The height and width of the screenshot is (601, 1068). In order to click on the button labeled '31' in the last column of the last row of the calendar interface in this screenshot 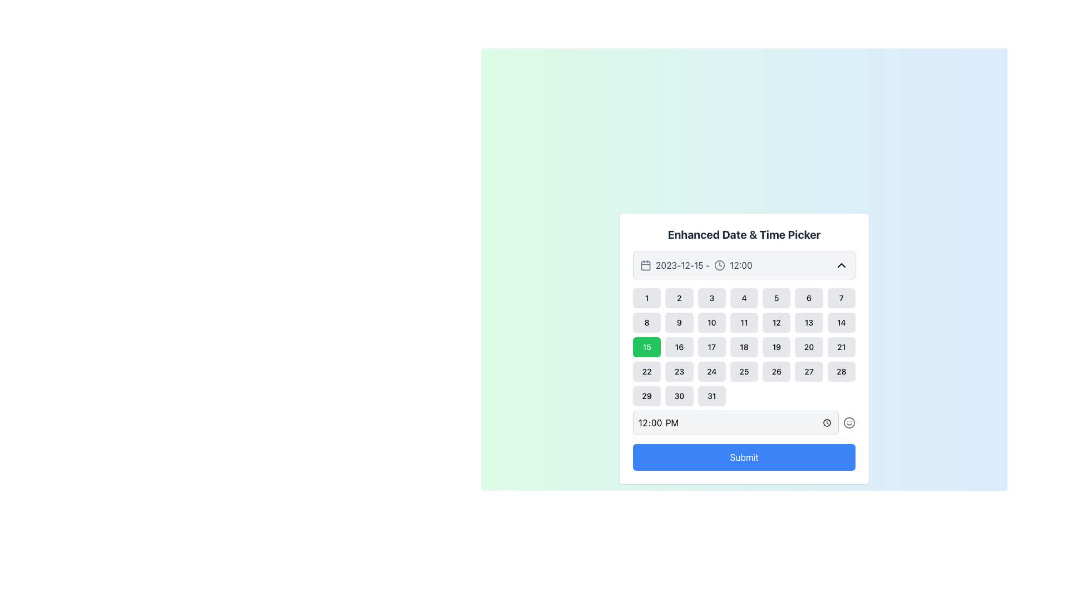, I will do `click(711, 396)`.